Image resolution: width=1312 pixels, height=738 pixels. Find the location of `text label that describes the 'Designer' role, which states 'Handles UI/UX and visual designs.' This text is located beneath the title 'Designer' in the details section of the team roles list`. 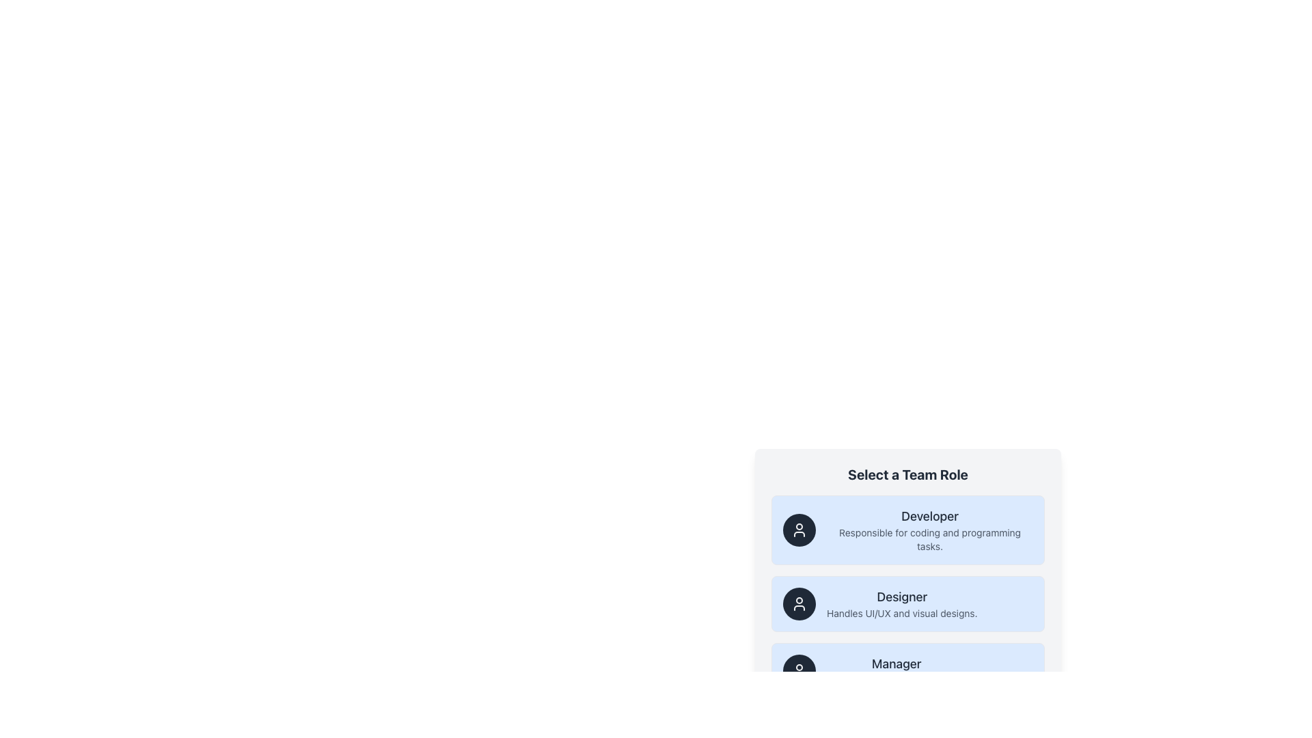

text label that describes the 'Designer' role, which states 'Handles UI/UX and visual designs.' This text is located beneath the title 'Designer' in the details section of the team roles list is located at coordinates (902, 613).